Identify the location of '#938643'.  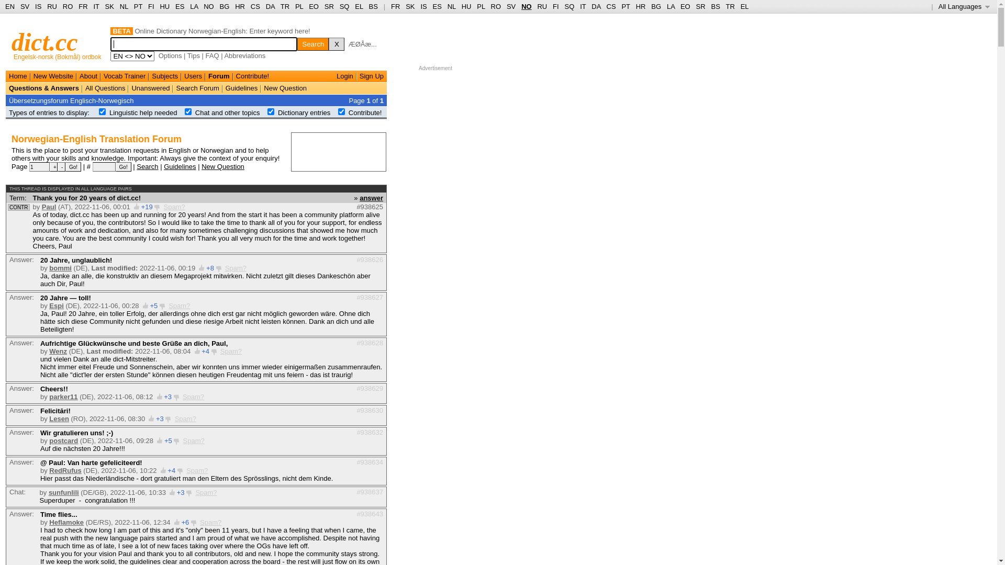
(370, 513).